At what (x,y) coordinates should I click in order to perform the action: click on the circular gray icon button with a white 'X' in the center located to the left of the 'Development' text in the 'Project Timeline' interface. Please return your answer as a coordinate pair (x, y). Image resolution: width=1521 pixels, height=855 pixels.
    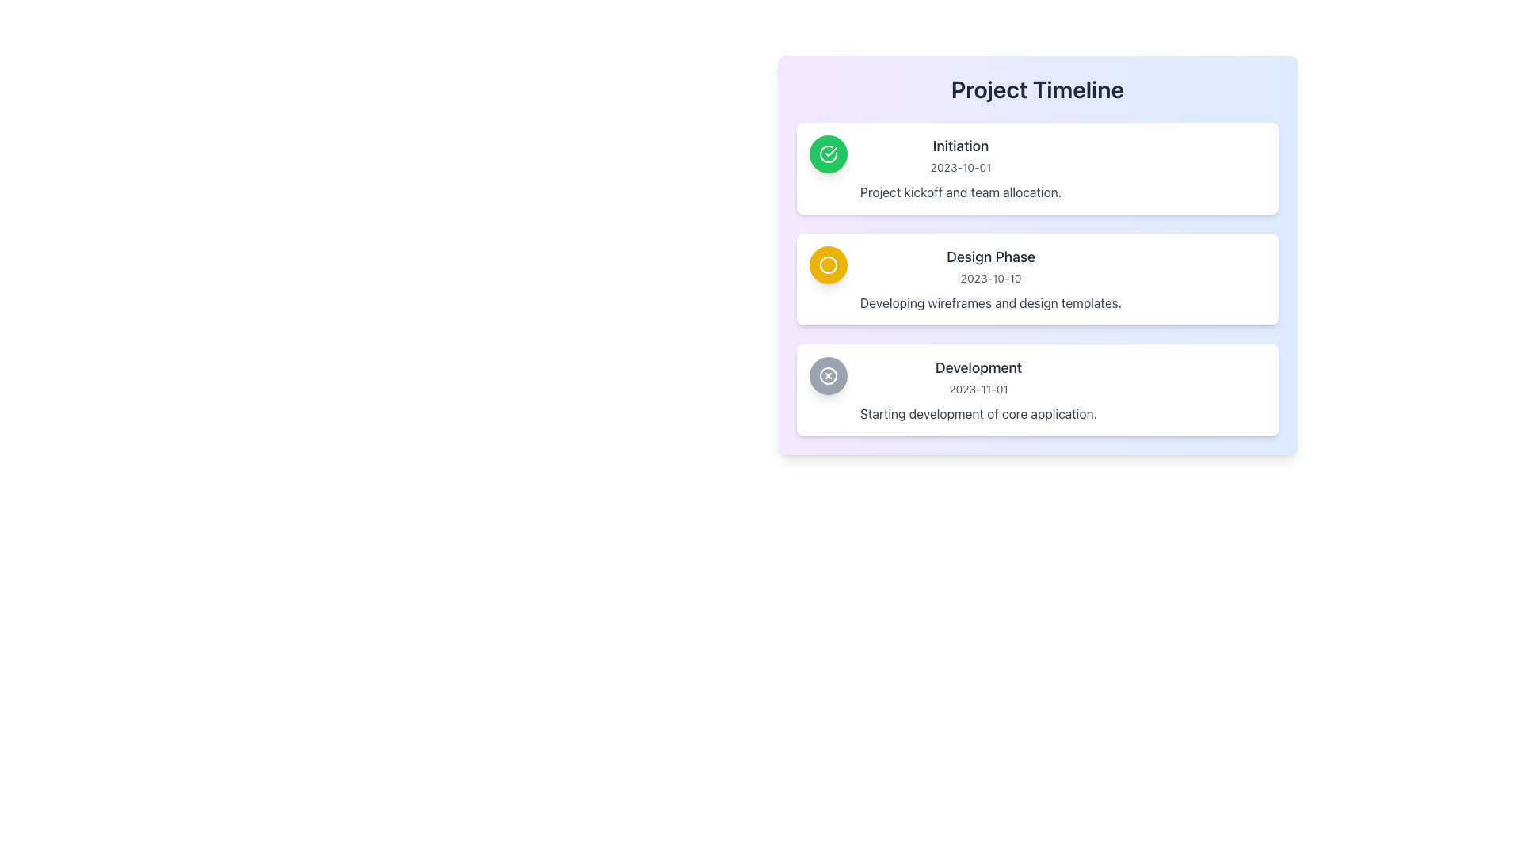
    Looking at the image, I should click on (828, 375).